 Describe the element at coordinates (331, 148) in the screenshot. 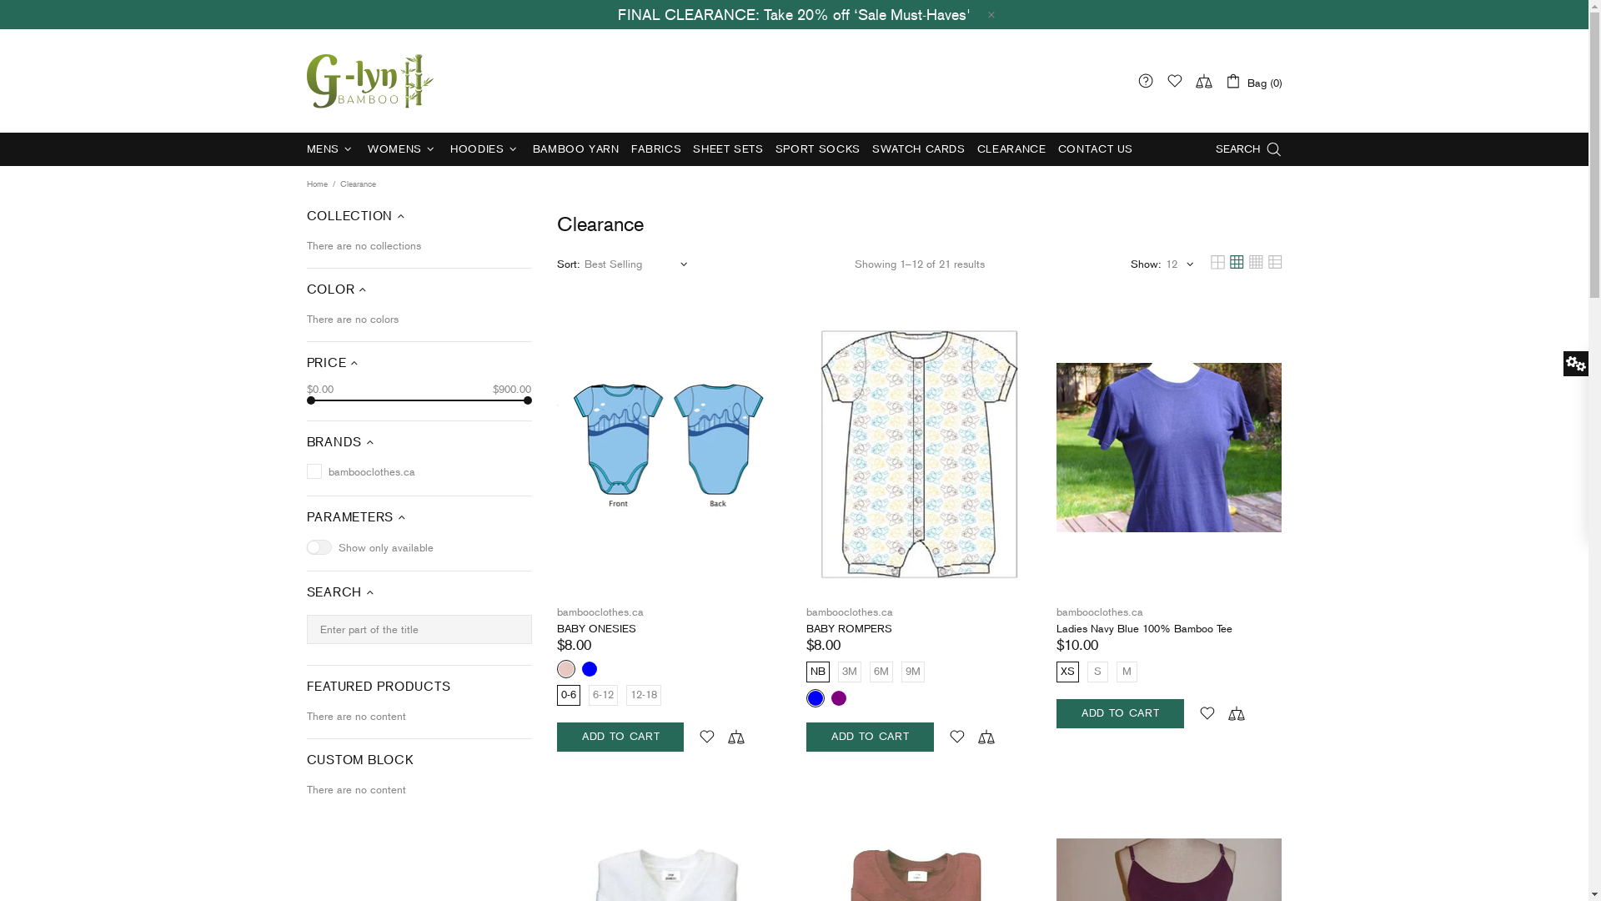

I see `'MENS'` at that location.